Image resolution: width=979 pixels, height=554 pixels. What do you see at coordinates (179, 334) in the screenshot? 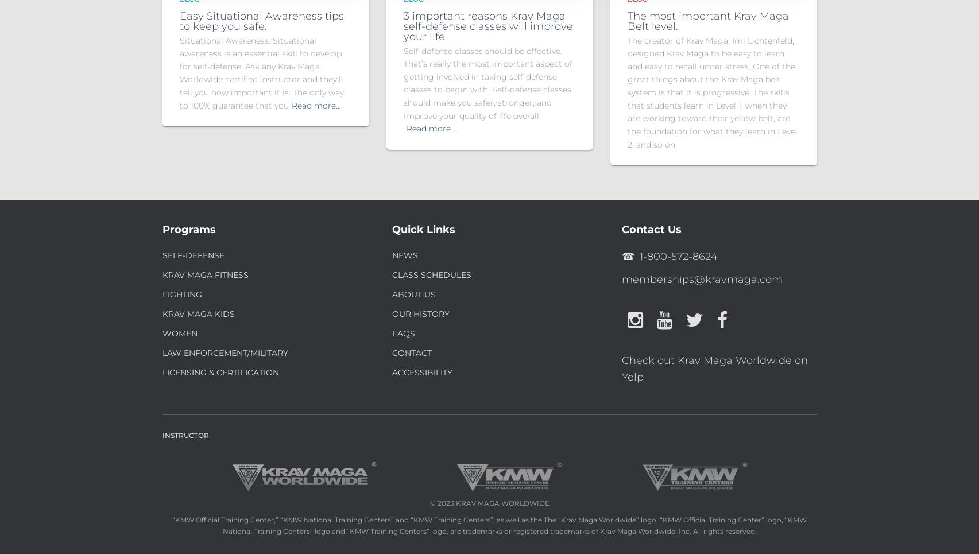
I see `'Women'` at bounding box center [179, 334].